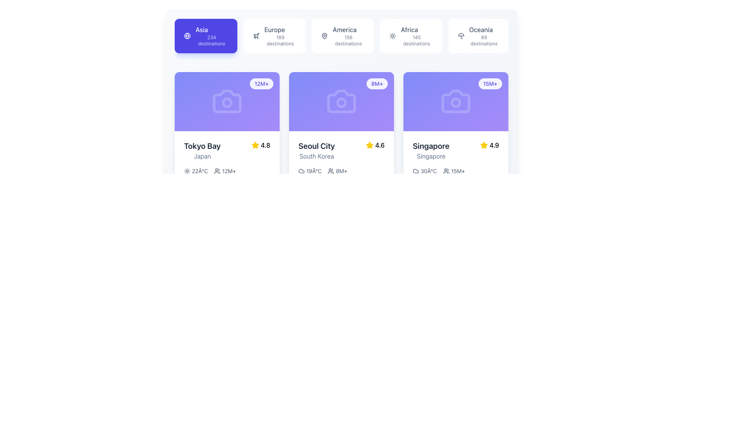 This screenshot has width=752, height=423. Describe the element at coordinates (200, 170) in the screenshot. I see `the temperature text displaying '22Â°C' for Tokyo Bay, located to the right of the sun icon and above the population data` at that location.